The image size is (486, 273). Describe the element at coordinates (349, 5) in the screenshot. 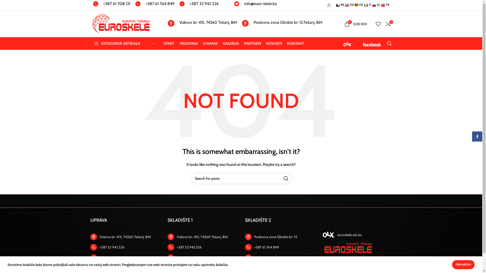

I see `'EN'` at that location.